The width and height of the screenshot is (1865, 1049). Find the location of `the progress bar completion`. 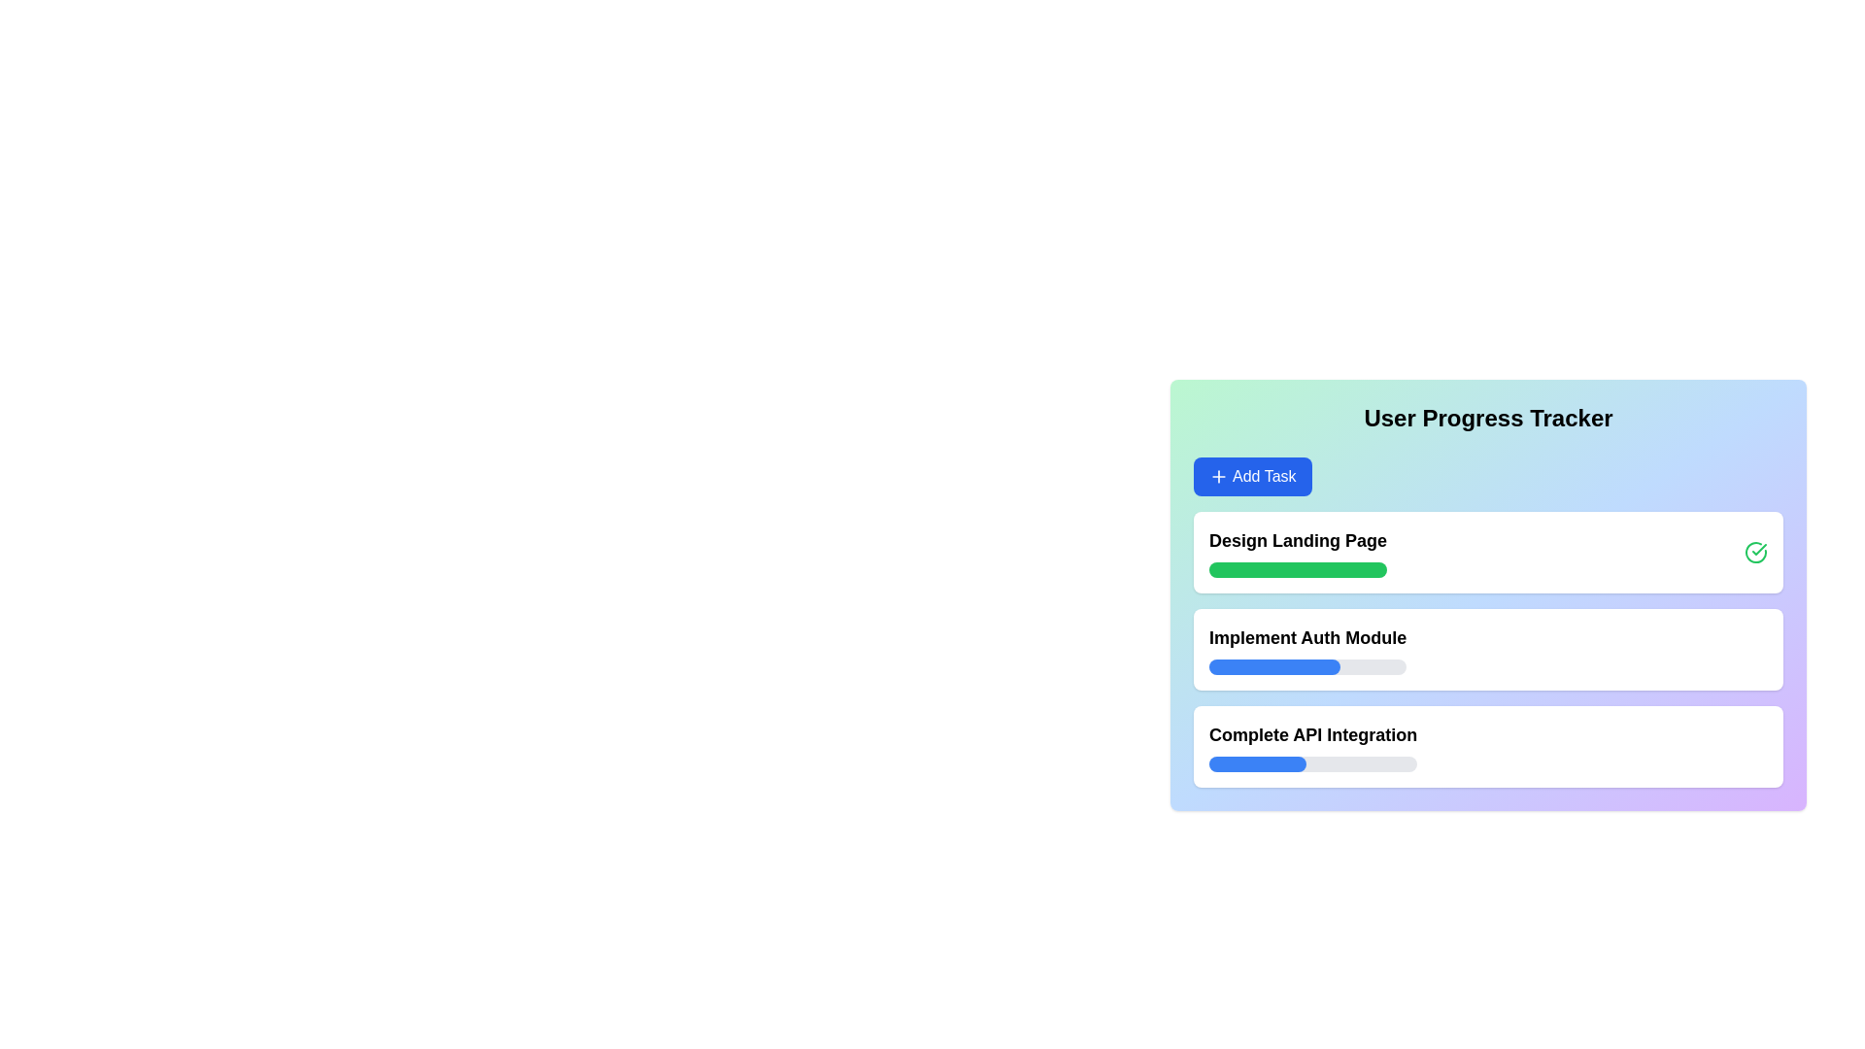

the progress bar completion is located at coordinates (1209, 762).